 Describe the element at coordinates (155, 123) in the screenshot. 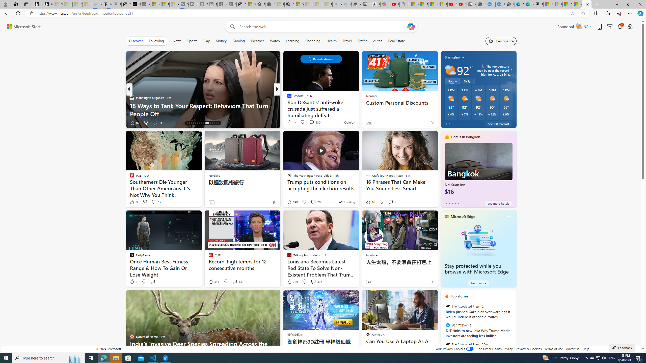

I see `'View comments 33 Comment'` at that location.